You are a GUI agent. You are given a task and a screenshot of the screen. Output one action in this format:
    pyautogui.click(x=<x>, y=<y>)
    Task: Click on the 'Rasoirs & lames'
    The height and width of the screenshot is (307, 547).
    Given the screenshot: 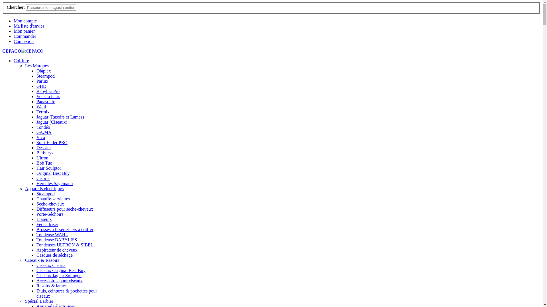 What is the action you would take?
    pyautogui.click(x=52, y=286)
    